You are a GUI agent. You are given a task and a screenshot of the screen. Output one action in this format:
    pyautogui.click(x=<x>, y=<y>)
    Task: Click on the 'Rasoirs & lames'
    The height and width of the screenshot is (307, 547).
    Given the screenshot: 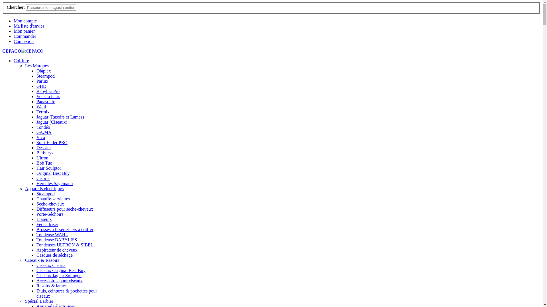 What is the action you would take?
    pyautogui.click(x=52, y=286)
    